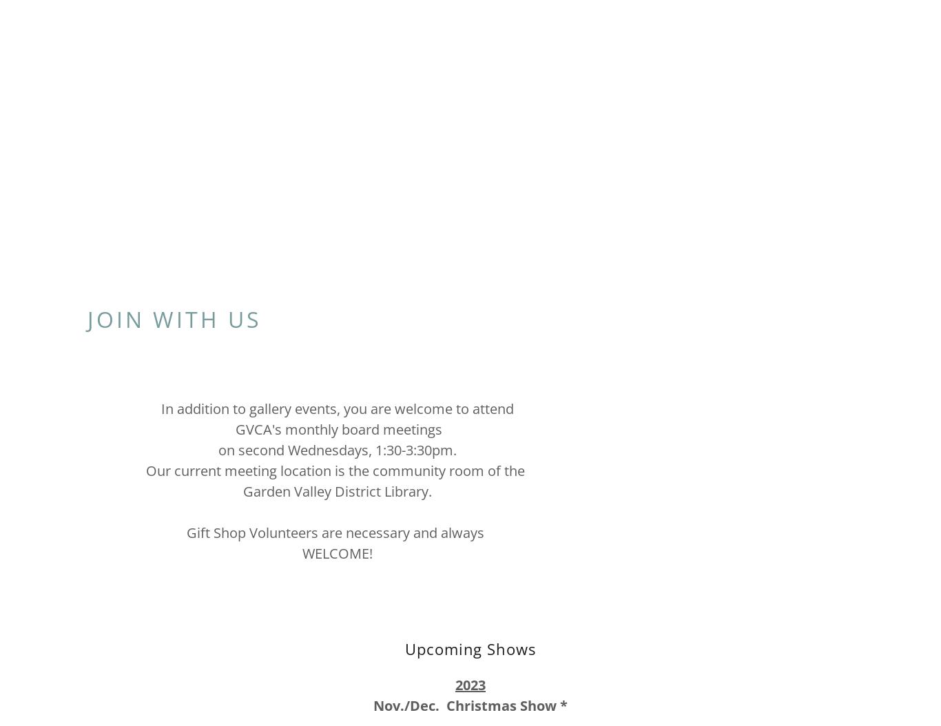 This screenshot has width=941, height=726. Describe the element at coordinates (470, 705) in the screenshot. I see `'Nov./Dec.  Christmas Show *'` at that location.